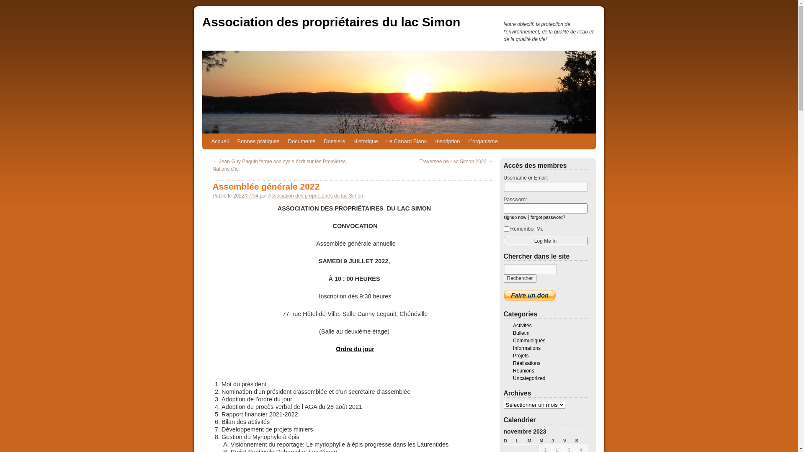  I want to click on 'Bonnes pratiques', so click(258, 141).